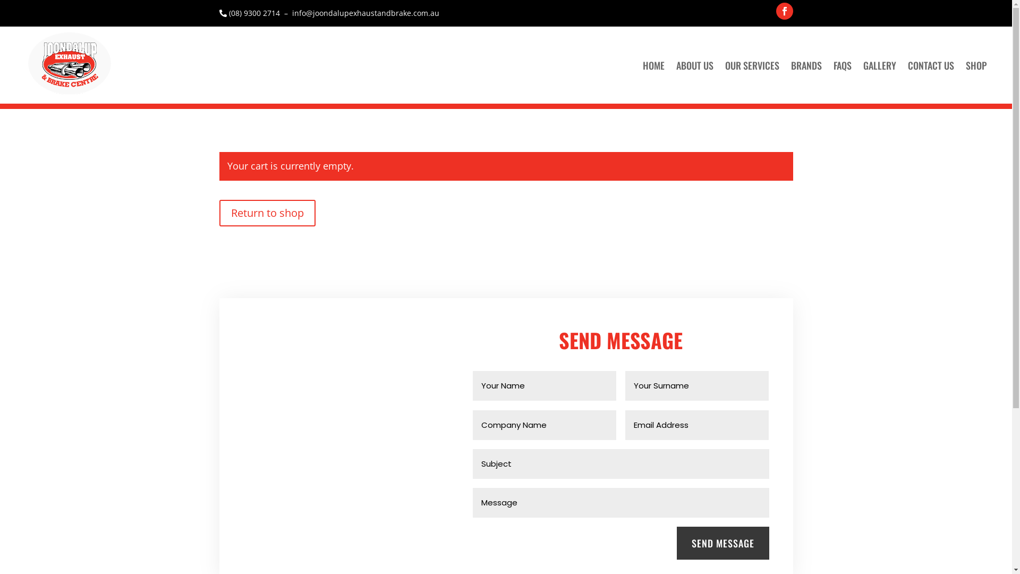 The width and height of the screenshot is (1020, 574). What do you see at coordinates (833, 65) in the screenshot?
I see `'FAQS'` at bounding box center [833, 65].